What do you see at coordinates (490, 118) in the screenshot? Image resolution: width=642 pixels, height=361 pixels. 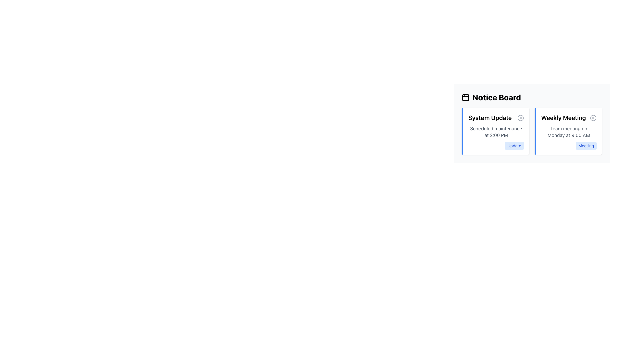 I see `text label that contains the words 'System Update', which is styled in bold and positioned at the top left corner of its card layout on the notice board` at bounding box center [490, 118].